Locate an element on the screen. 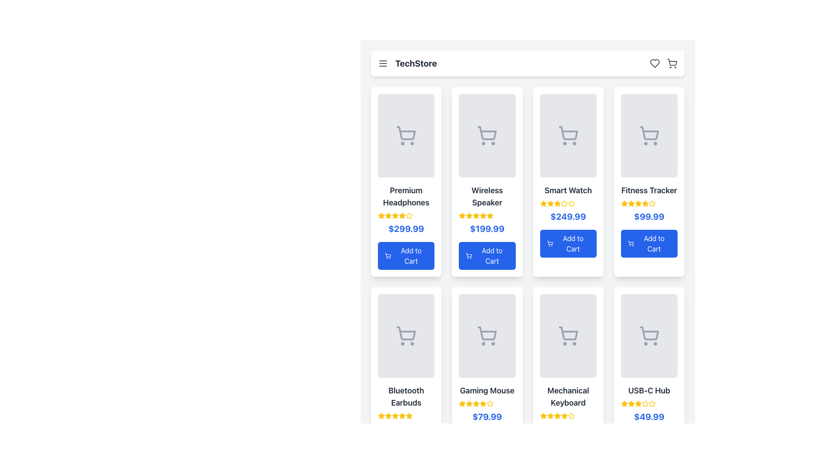 The image size is (835, 470). the yellow star-shaped rating icon located on the third product card from the left in the top row of the e-commerce interface is located at coordinates (543, 203).